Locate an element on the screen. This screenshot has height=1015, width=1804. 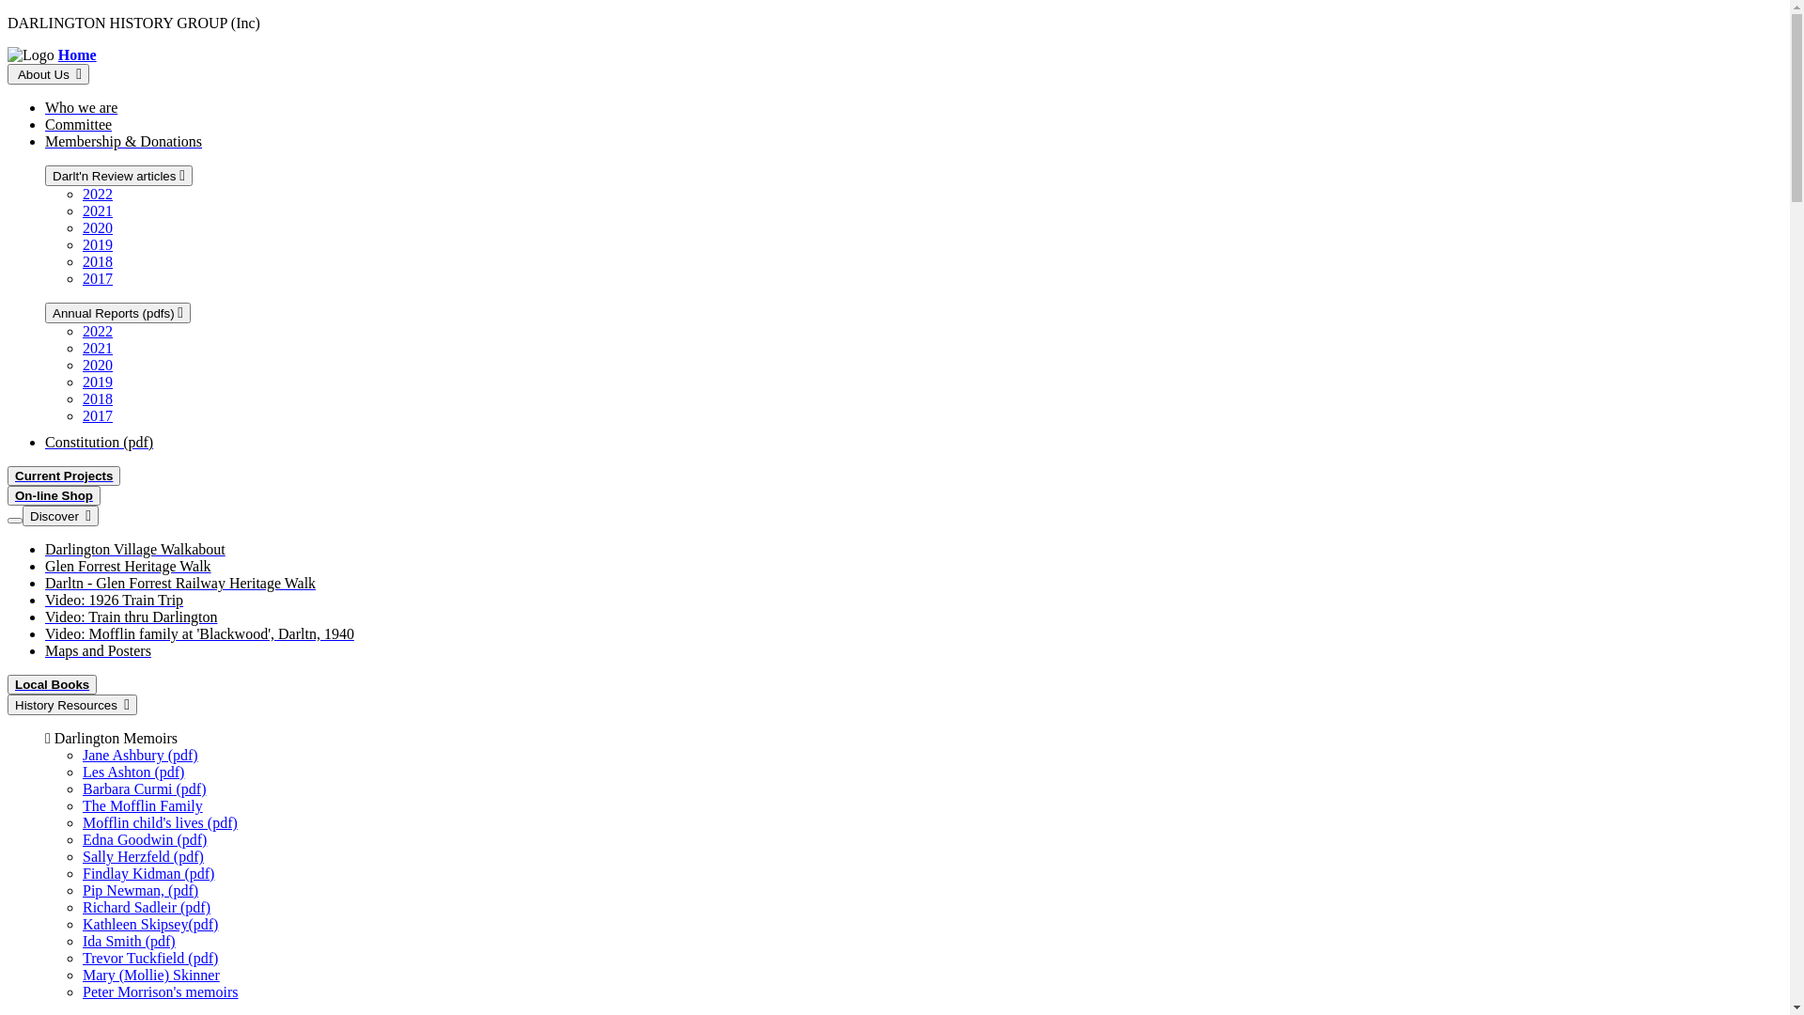
'Kathleen Skipsey(pdf)' is located at coordinates (148, 923).